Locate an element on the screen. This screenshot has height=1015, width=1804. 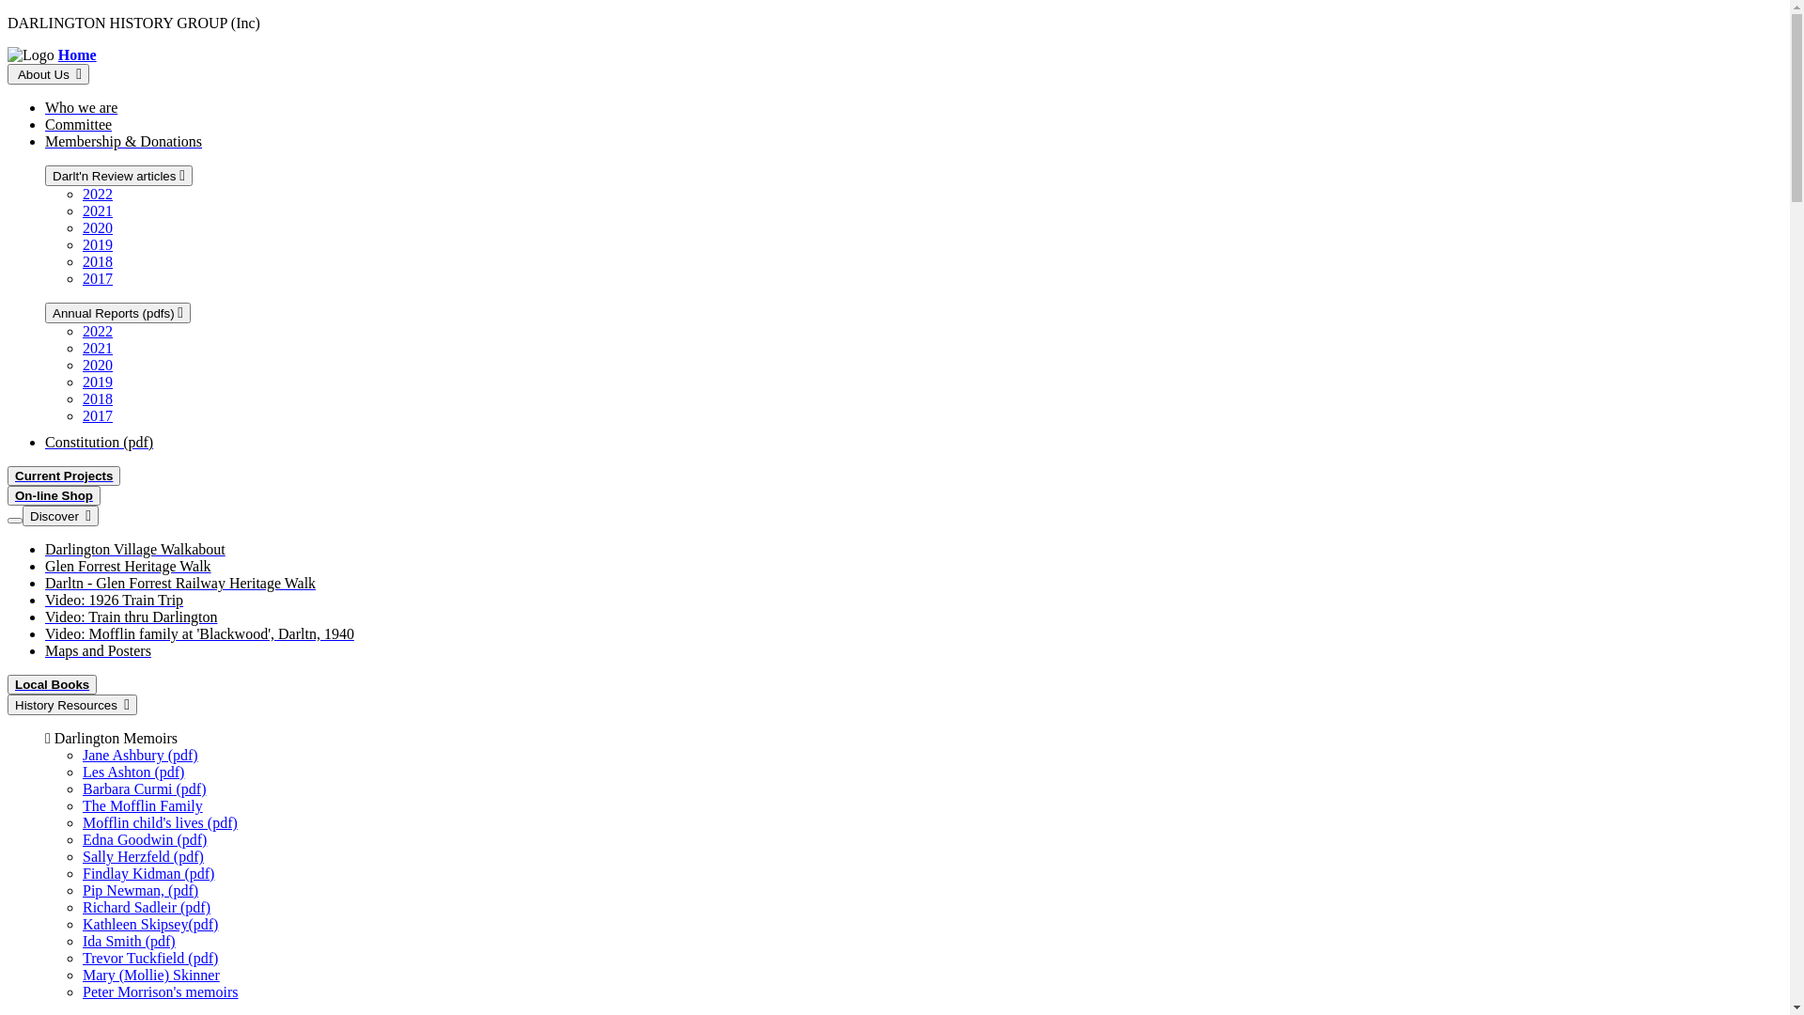
'Kathleen Skipsey(pdf)' is located at coordinates (148, 923).